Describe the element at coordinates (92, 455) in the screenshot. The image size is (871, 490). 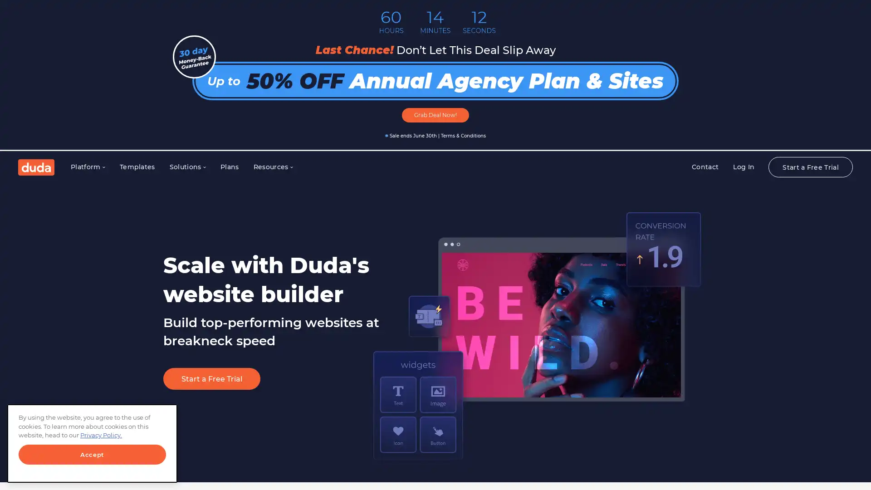
I see `Accept` at that location.